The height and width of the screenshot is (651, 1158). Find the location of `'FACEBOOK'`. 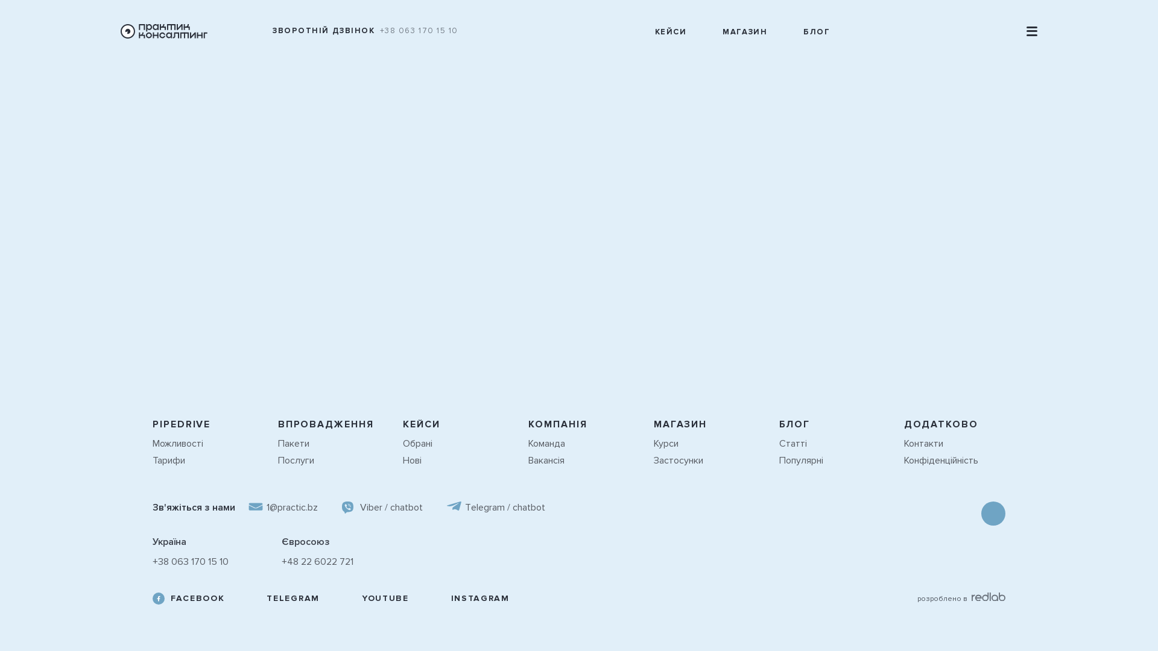

'FACEBOOK' is located at coordinates (188, 598).